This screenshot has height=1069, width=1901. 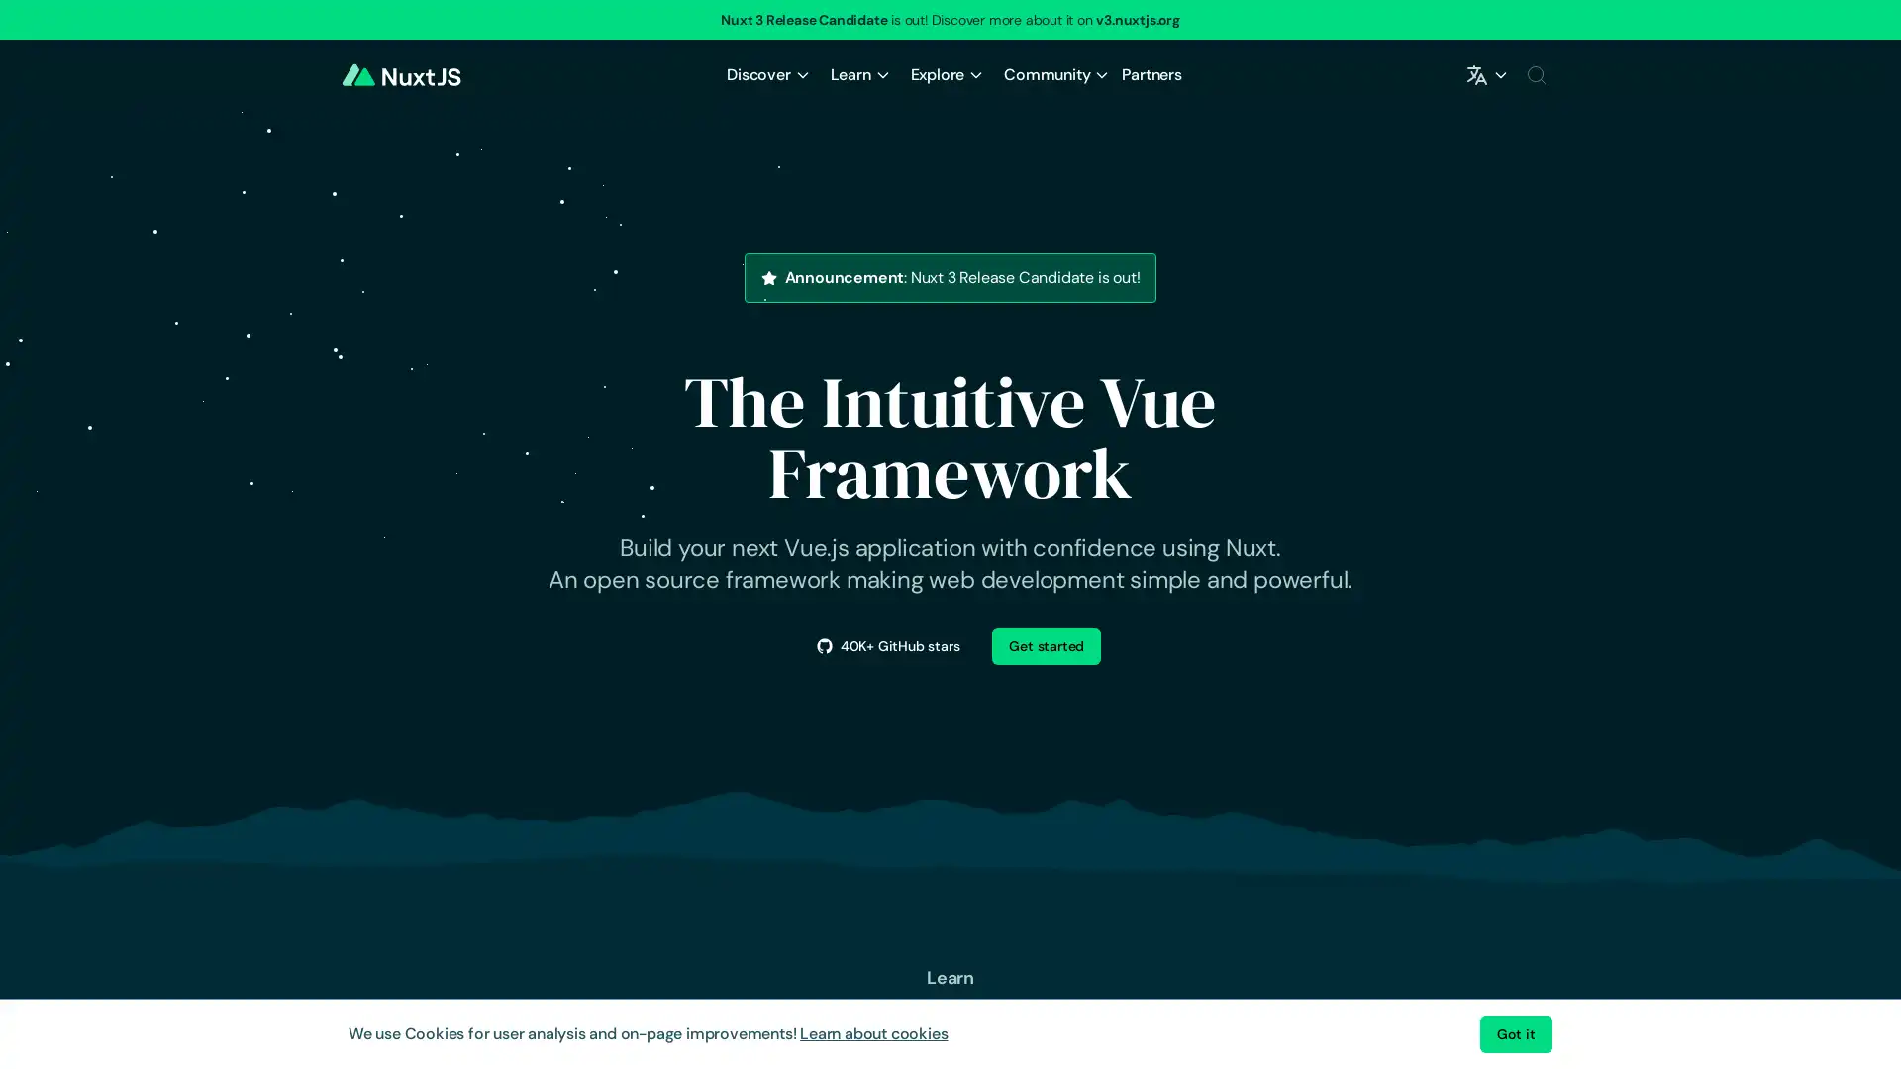 I want to click on Got it, so click(x=1515, y=1033).